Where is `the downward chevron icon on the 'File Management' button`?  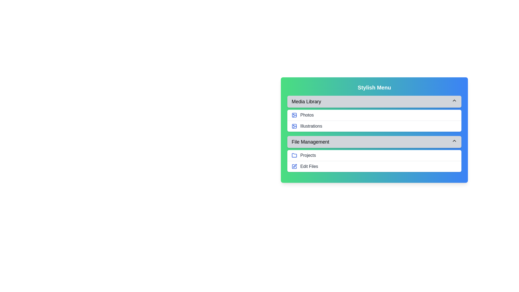
the downward chevron icon on the 'File Management' button is located at coordinates (454, 140).